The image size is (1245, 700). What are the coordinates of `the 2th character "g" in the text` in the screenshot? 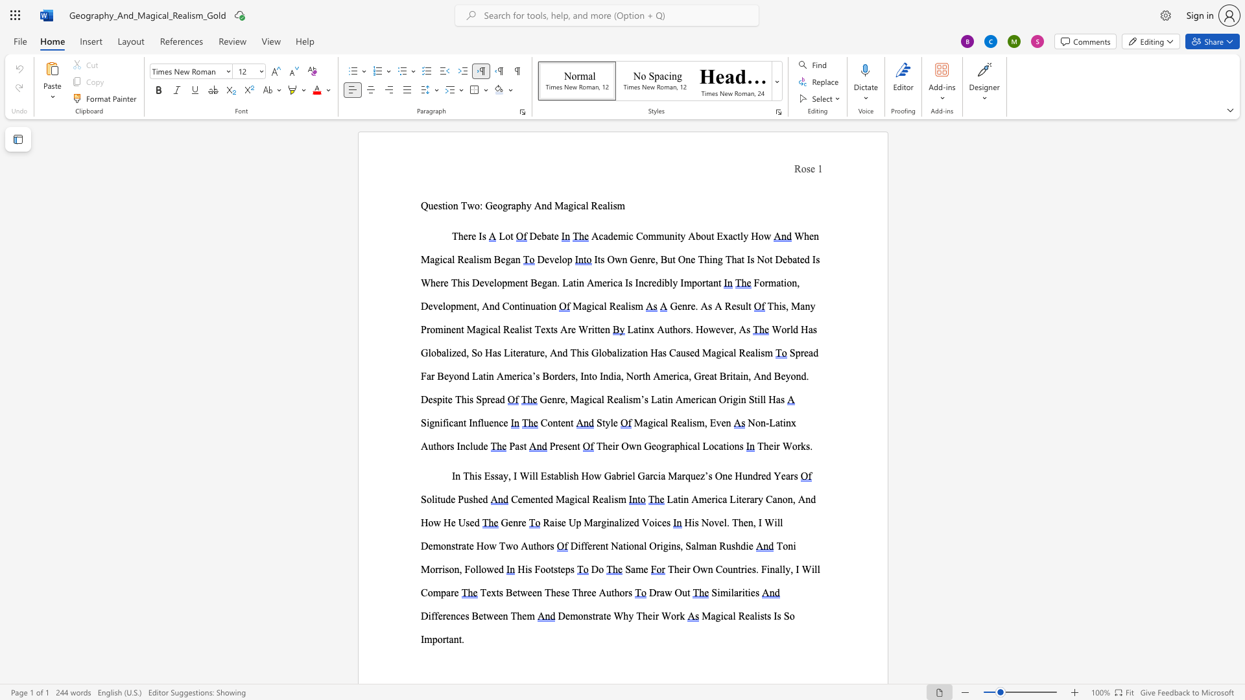 It's located at (545, 282).